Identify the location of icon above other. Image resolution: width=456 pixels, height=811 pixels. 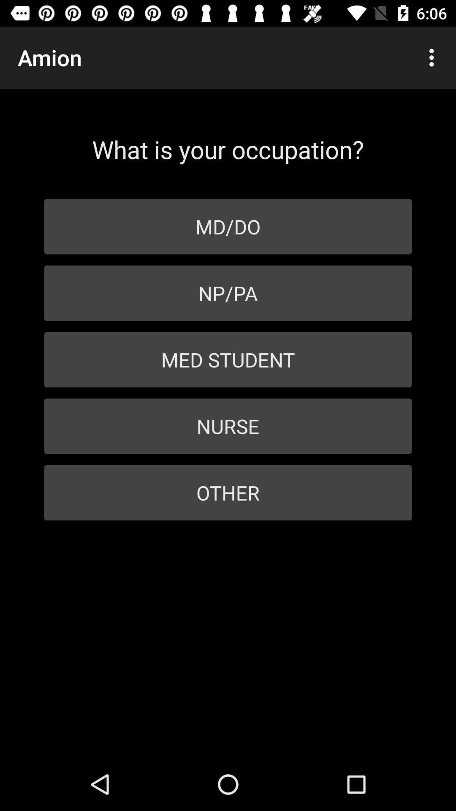
(228, 426).